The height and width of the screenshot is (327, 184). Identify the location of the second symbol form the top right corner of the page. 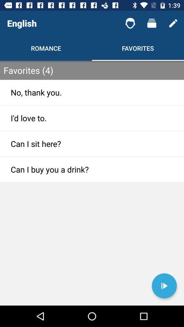
(152, 23).